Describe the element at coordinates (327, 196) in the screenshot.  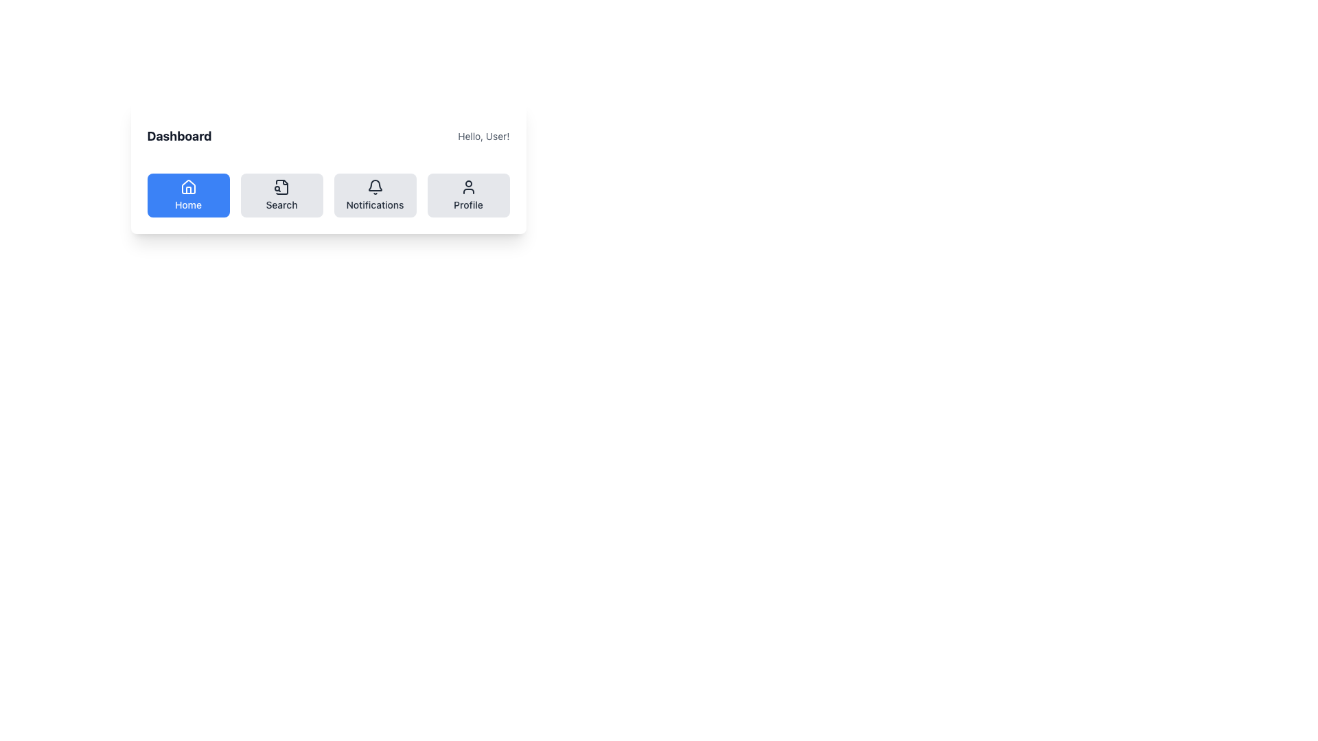
I see `the Notifications button in the Navigation Menu` at that location.